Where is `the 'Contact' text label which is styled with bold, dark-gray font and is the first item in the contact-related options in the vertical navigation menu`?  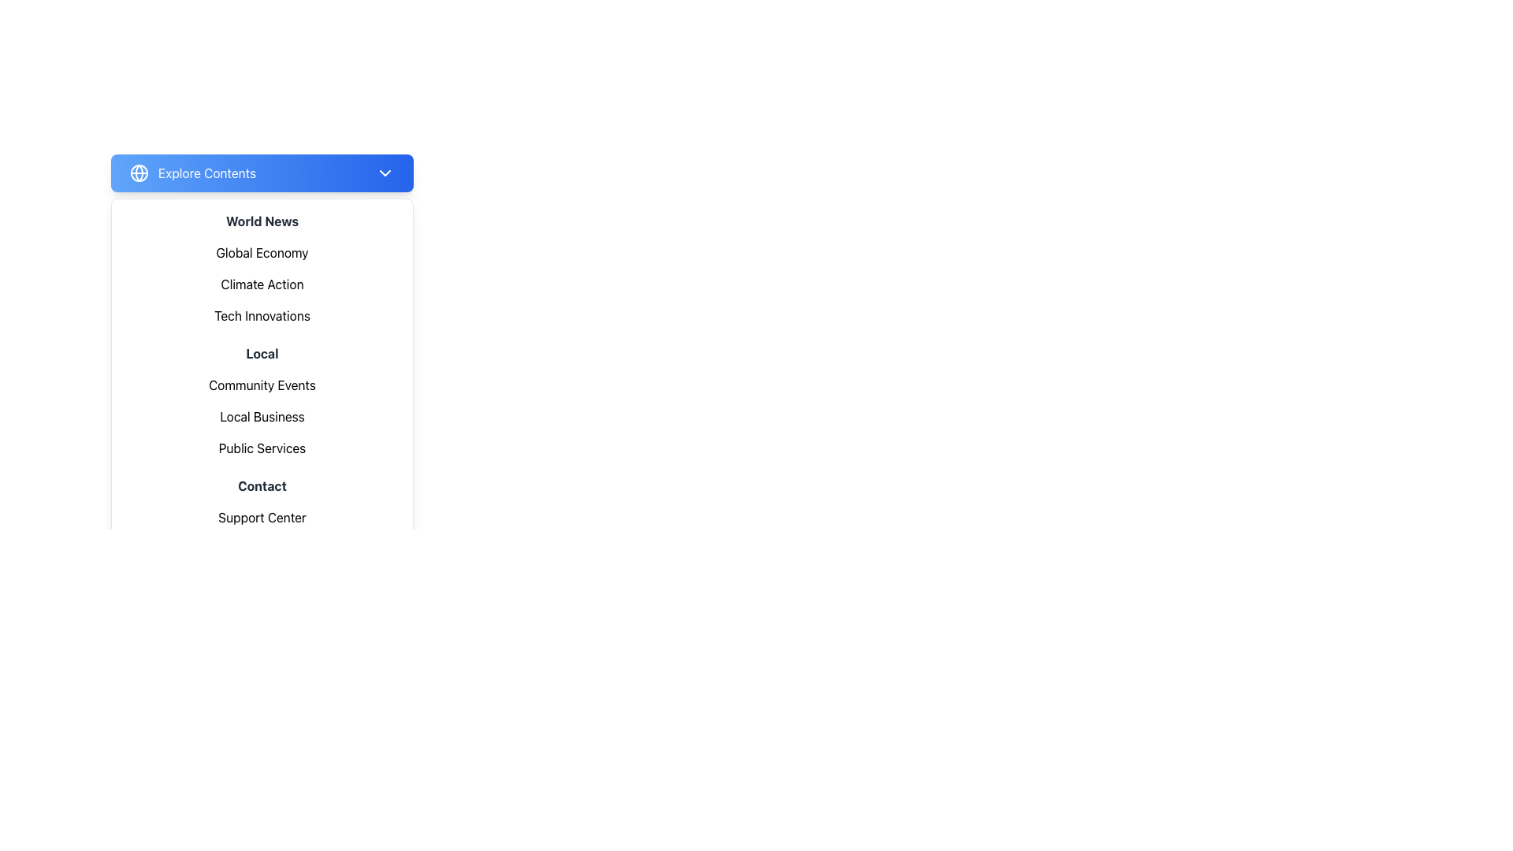
the 'Contact' text label which is styled with bold, dark-gray font and is the first item in the contact-related options in the vertical navigation menu is located at coordinates (262, 485).